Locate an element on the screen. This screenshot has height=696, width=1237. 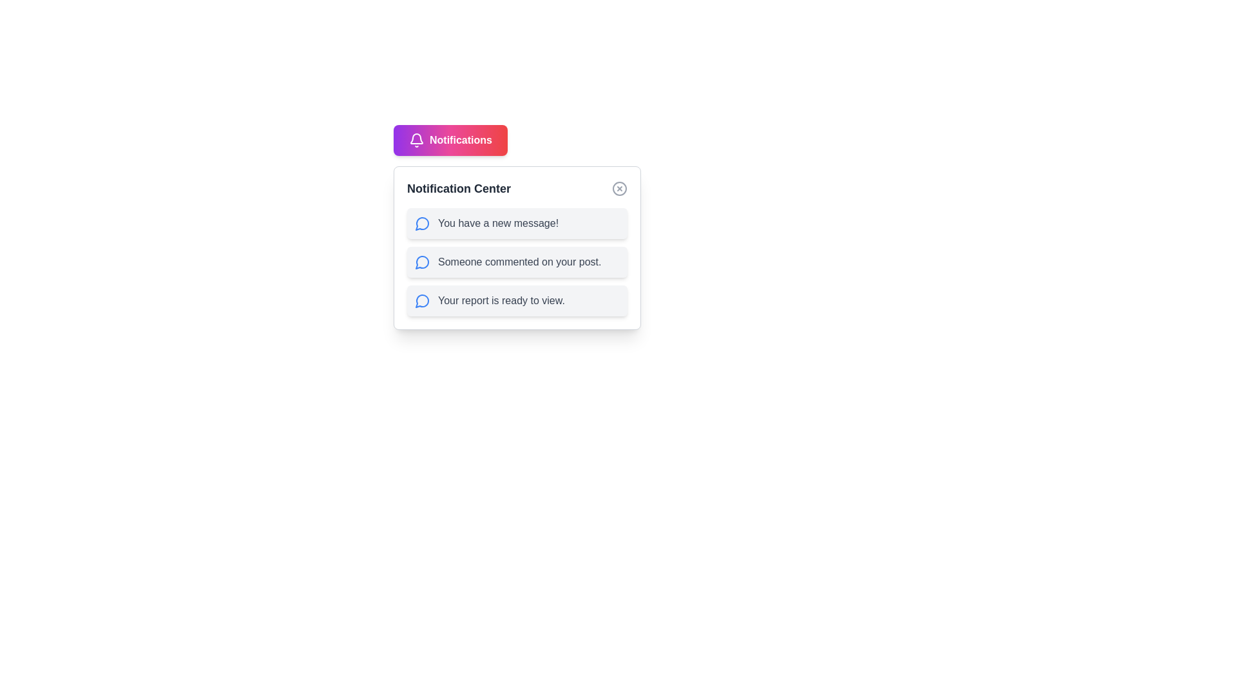
text displaying 'Someone commented on your post.' located in the second notification card of the 'Notification Center' panel, styled with the class 'text-gray-700' is located at coordinates (519, 262).